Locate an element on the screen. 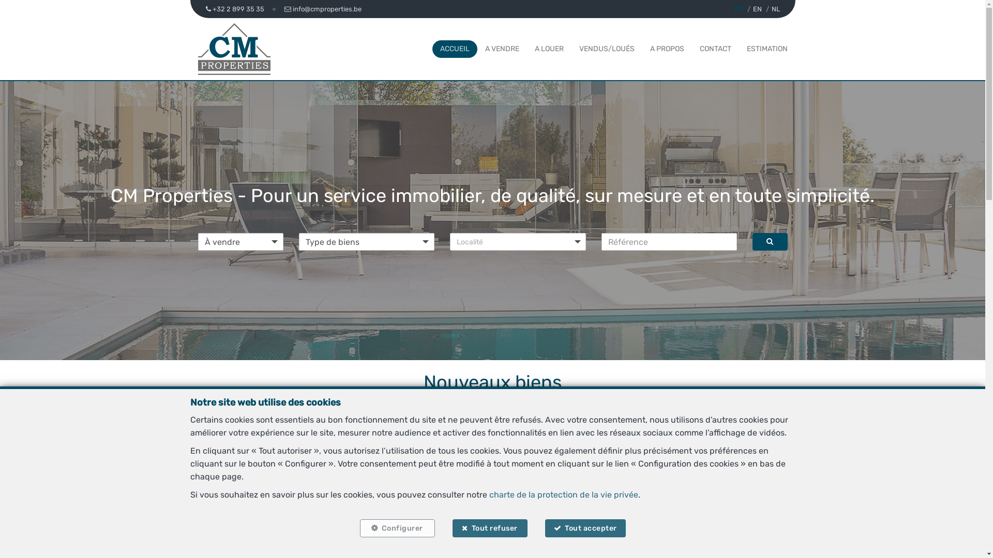  'EN' is located at coordinates (757, 9).